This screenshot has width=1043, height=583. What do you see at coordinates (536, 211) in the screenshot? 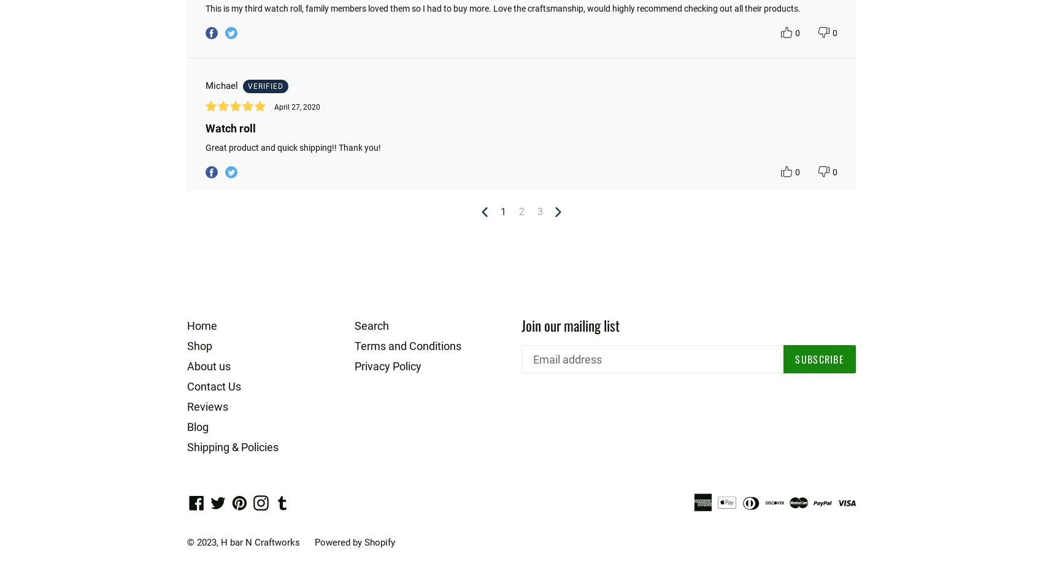
I see `'3'` at bounding box center [536, 211].